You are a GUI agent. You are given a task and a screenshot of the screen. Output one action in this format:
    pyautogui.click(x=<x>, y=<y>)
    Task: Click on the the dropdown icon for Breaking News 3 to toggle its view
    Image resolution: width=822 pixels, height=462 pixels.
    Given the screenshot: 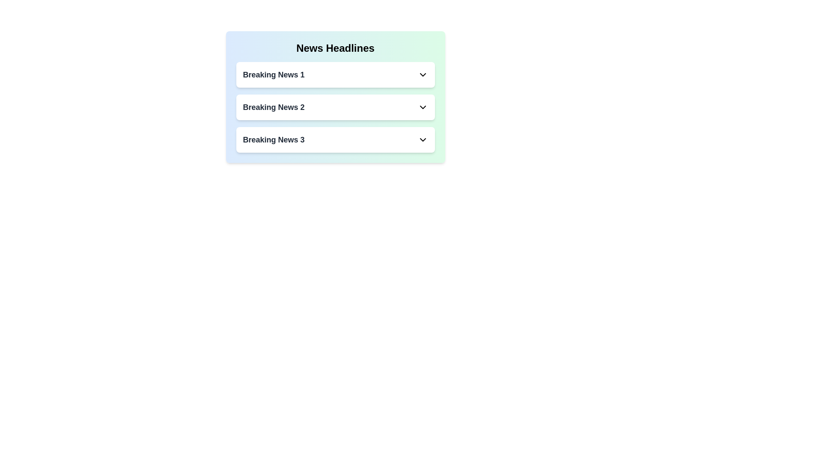 What is the action you would take?
    pyautogui.click(x=423, y=139)
    